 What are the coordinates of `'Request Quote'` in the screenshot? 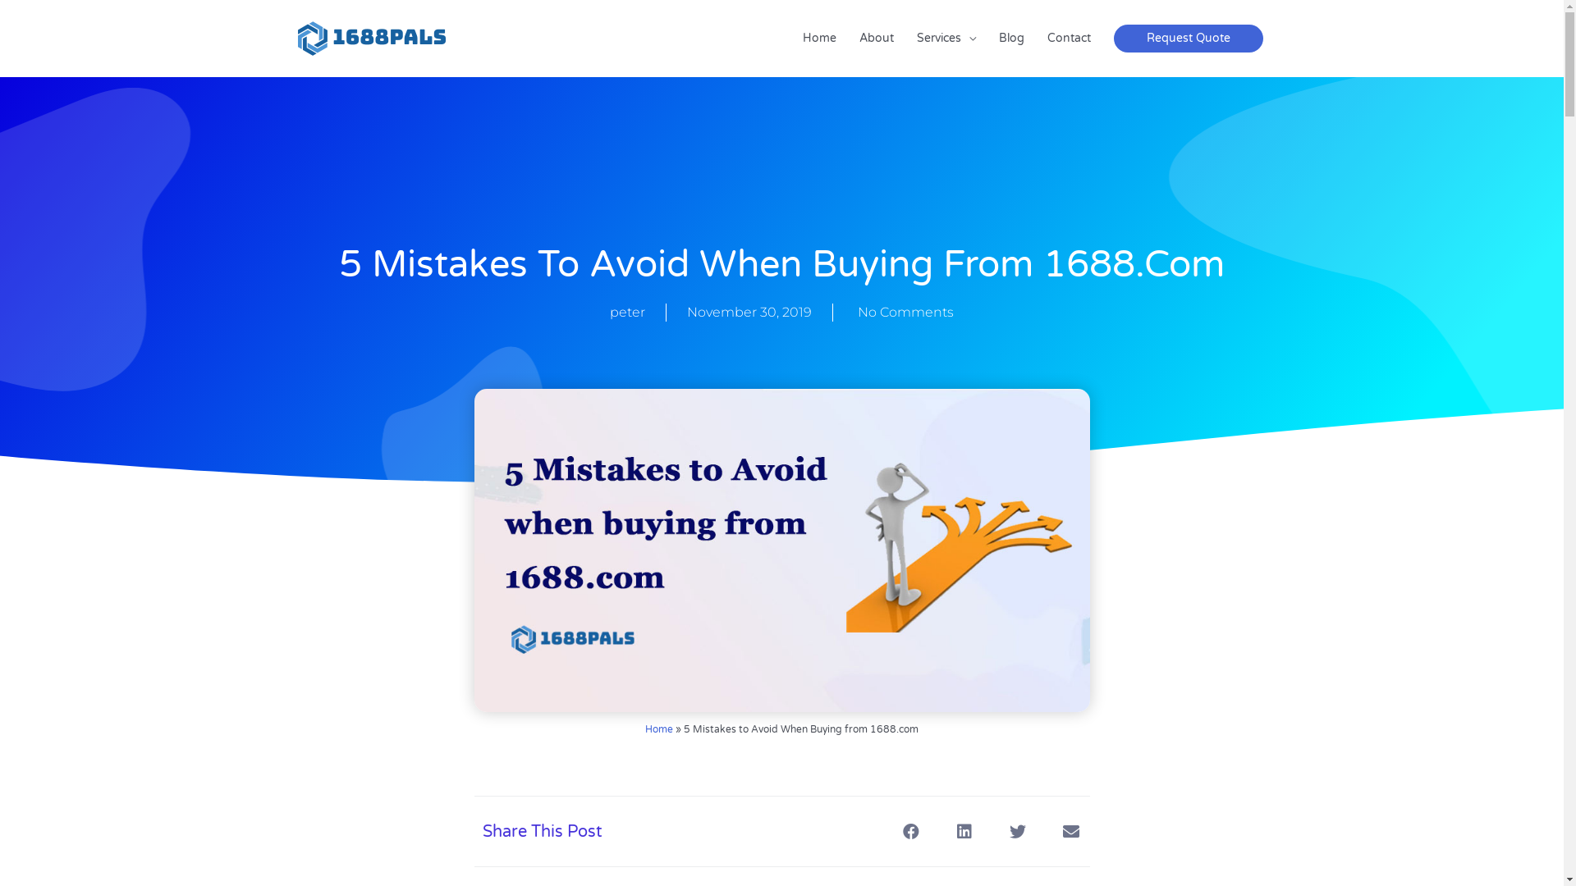 It's located at (1187, 37).